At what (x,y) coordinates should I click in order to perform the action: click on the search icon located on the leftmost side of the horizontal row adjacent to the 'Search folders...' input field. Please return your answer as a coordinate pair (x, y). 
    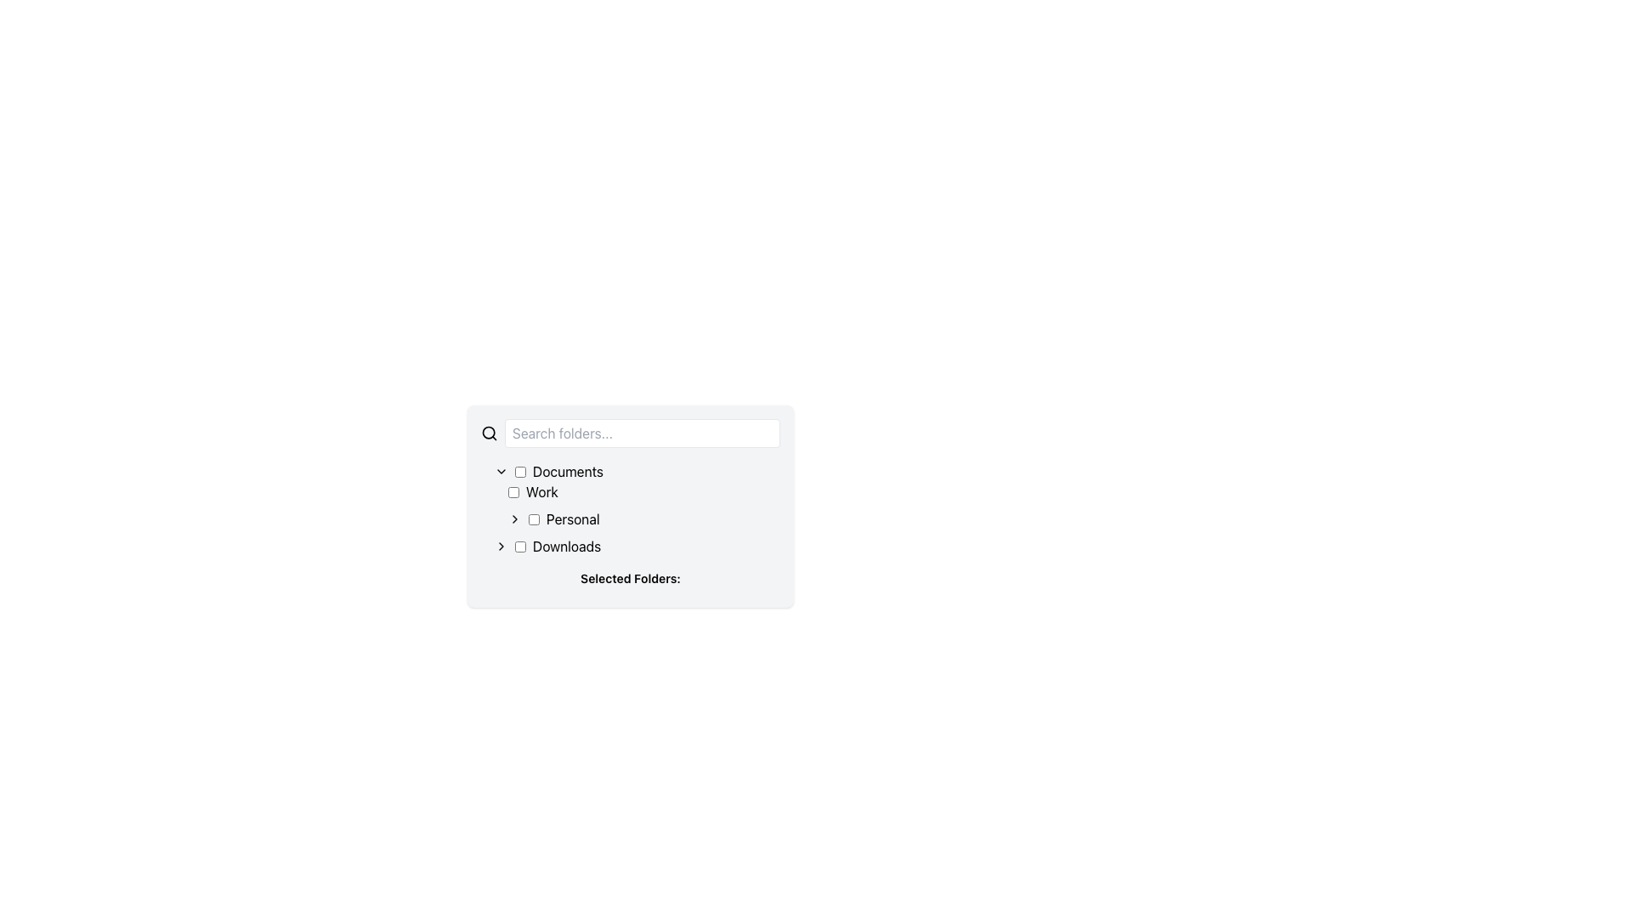
    Looking at the image, I should click on (489, 432).